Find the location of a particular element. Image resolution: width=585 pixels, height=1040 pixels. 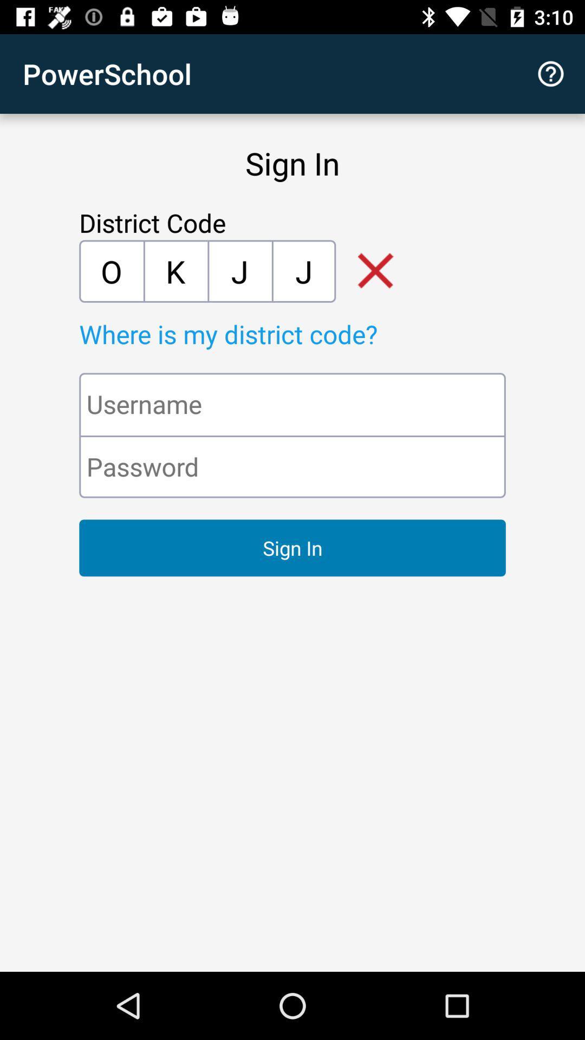

icon below the where is my icon is located at coordinates (292, 404).